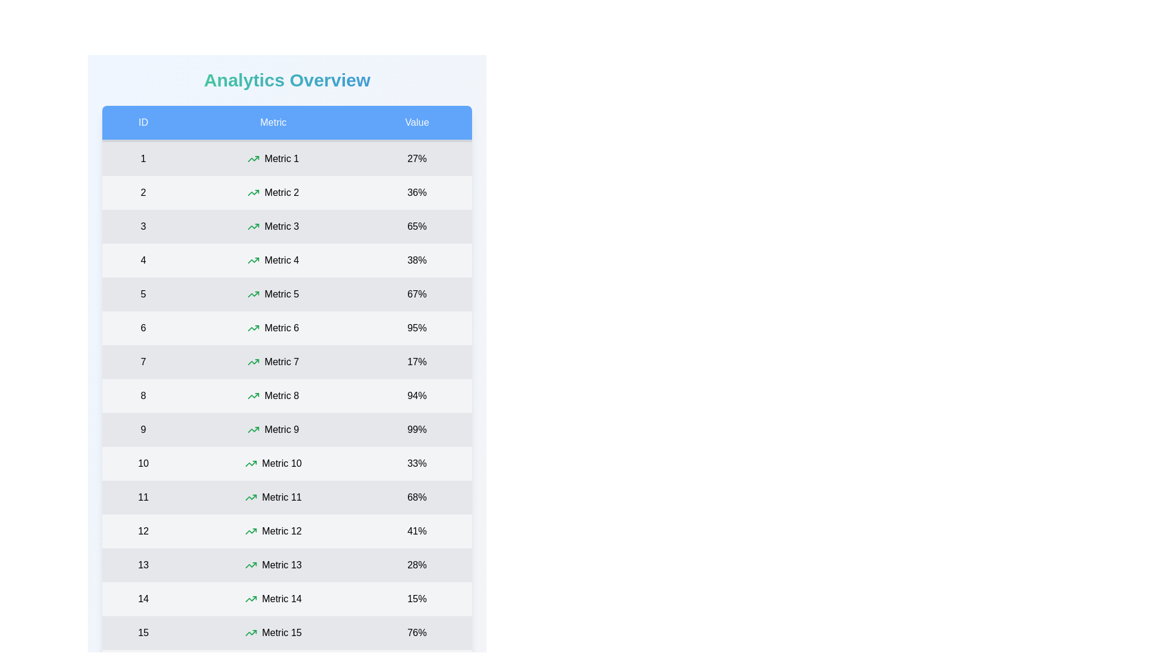  Describe the element at coordinates (417, 123) in the screenshot. I see `the column header 'Value' to sort the table by that column` at that location.